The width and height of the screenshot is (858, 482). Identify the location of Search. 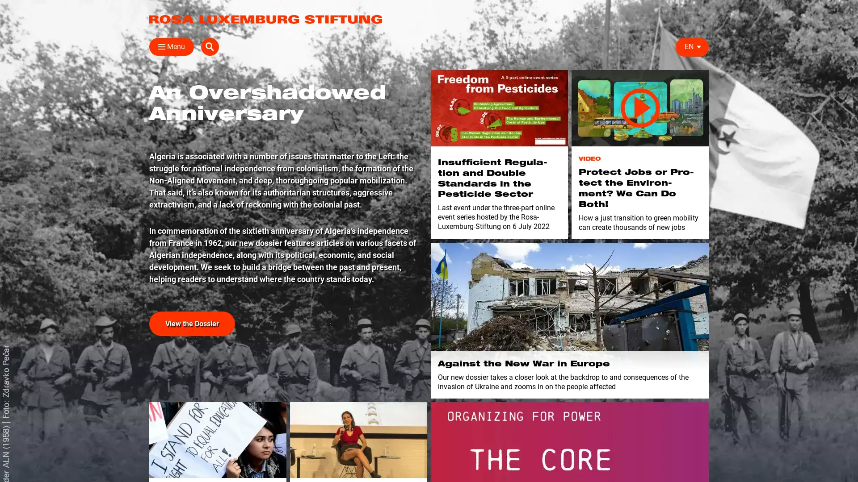
(699, 46).